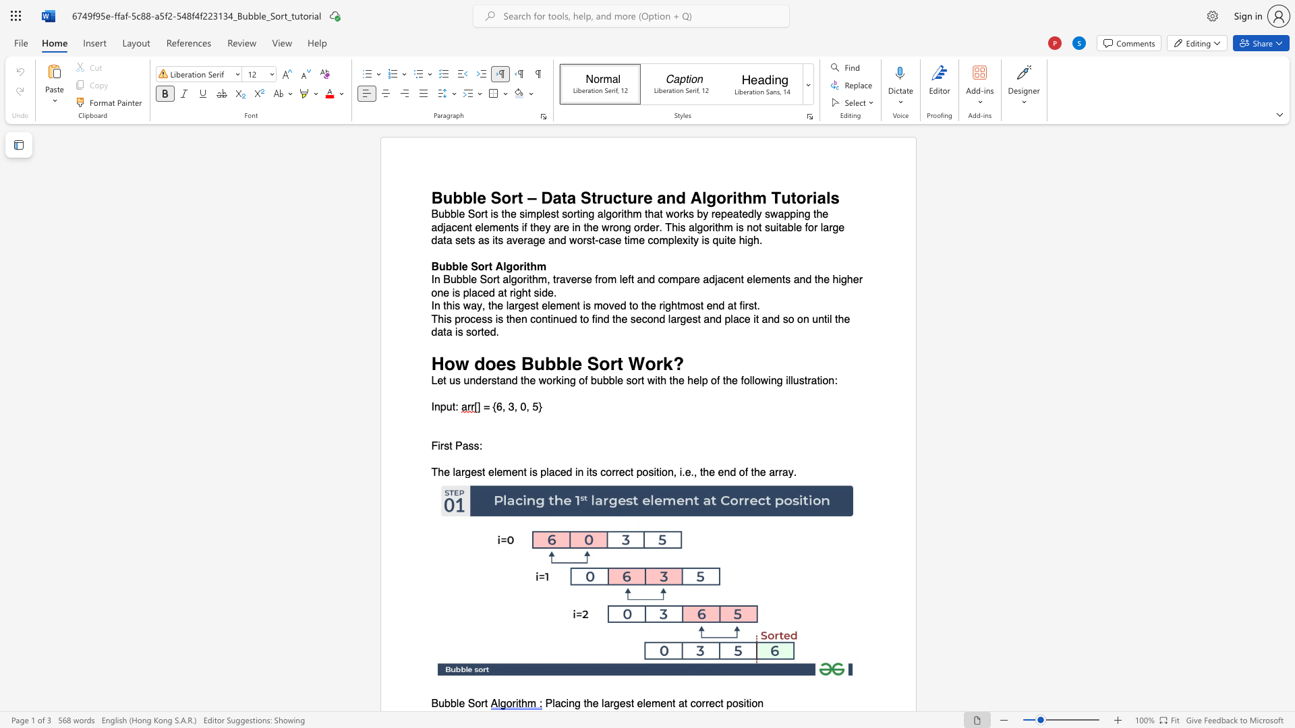 Image resolution: width=1295 pixels, height=728 pixels. Describe the element at coordinates (556, 363) in the screenshot. I see `the space between the continuous character "b" and "b" in the text` at that location.